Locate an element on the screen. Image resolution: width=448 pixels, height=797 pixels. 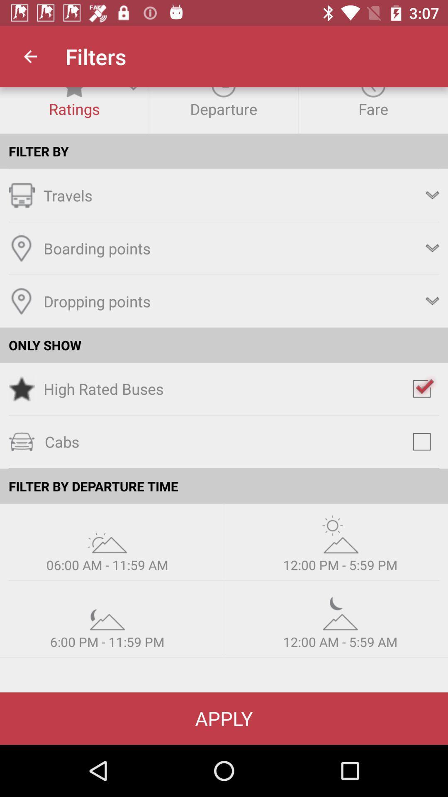
timeing option is located at coordinates (107, 534).